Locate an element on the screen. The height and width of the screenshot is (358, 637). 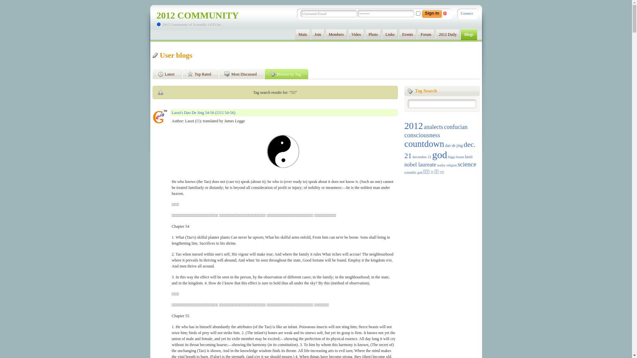
'december 21' is located at coordinates (421, 157).